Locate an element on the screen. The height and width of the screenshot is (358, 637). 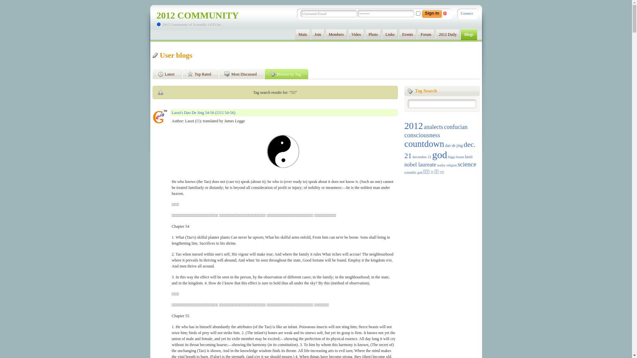
'december 21' is located at coordinates (421, 157).